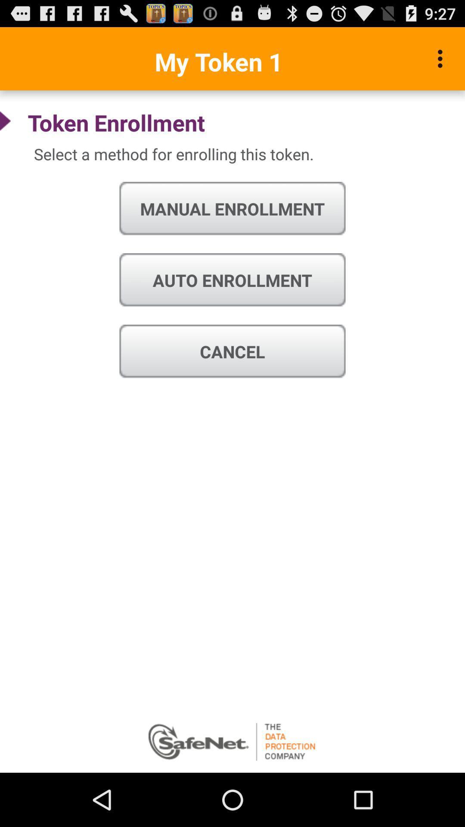  Describe the element at coordinates (442, 58) in the screenshot. I see `item to the right of my token 1 icon` at that location.